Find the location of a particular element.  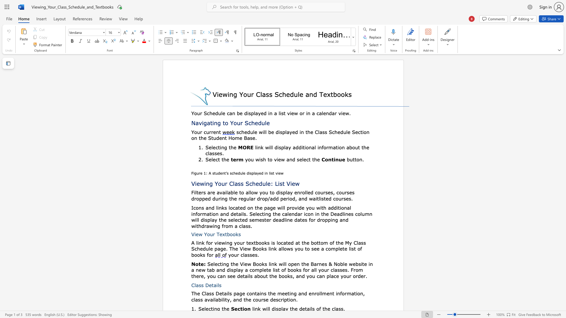

the subset text "Icons a" within the text "Icons and links" is located at coordinates (191, 207).